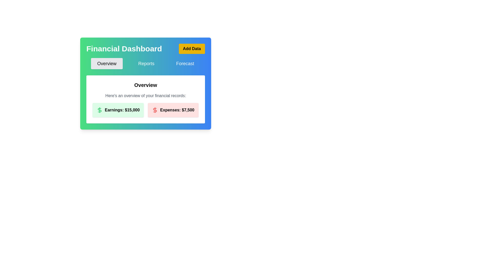 The image size is (492, 276). Describe the element at coordinates (118, 110) in the screenshot. I see `the information display card that shows 'Earnings: $15,000' with a light green background and a green dollar sign icon, located in the bottom-left region of the 'Overview' card` at that location.